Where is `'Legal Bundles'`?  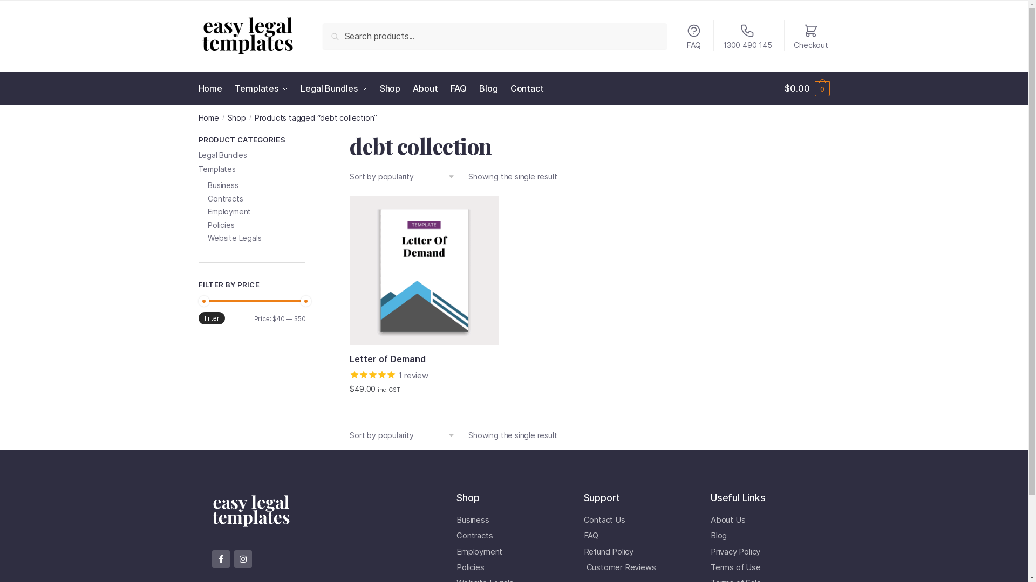
'Legal Bundles' is located at coordinates (333, 88).